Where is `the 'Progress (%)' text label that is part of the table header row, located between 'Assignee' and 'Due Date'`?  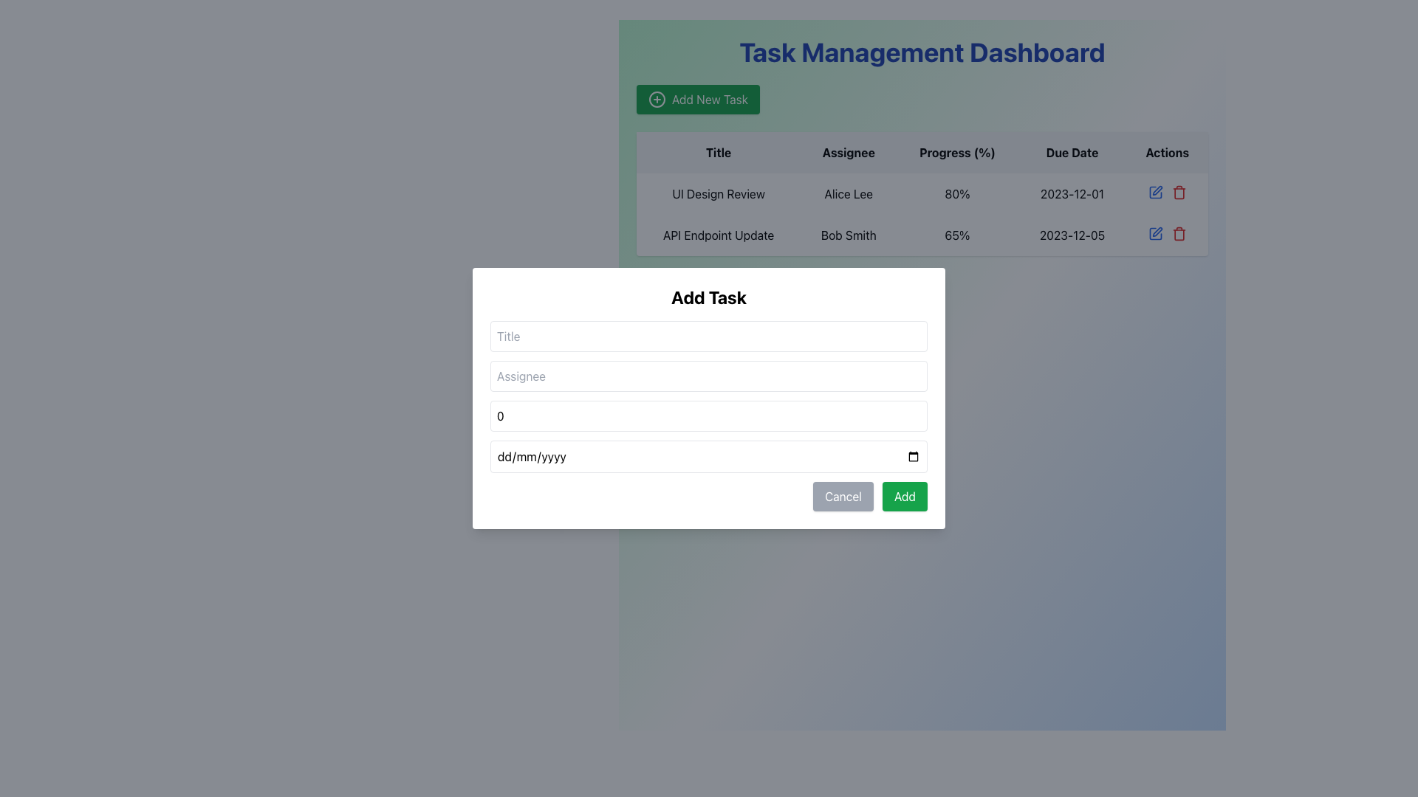 the 'Progress (%)' text label that is part of the table header row, located between 'Assignee' and 'Due Date' is located at coordinates (957, 153).